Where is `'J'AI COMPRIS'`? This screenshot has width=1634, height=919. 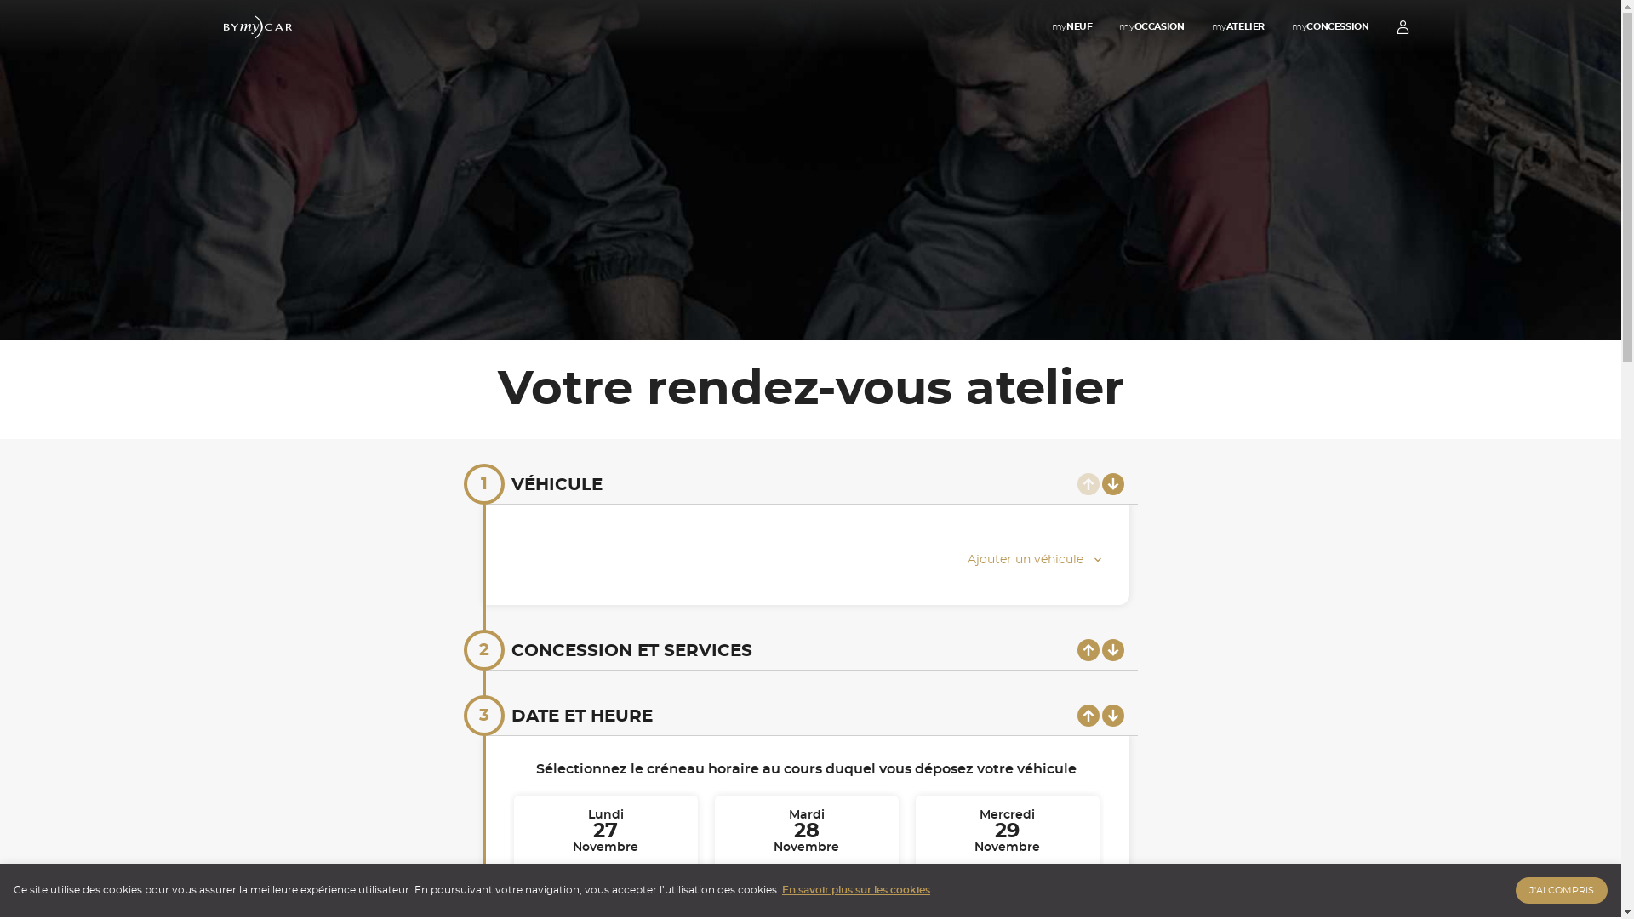 'J'AI COMPRIS' is located at coordinates (1561, 889).